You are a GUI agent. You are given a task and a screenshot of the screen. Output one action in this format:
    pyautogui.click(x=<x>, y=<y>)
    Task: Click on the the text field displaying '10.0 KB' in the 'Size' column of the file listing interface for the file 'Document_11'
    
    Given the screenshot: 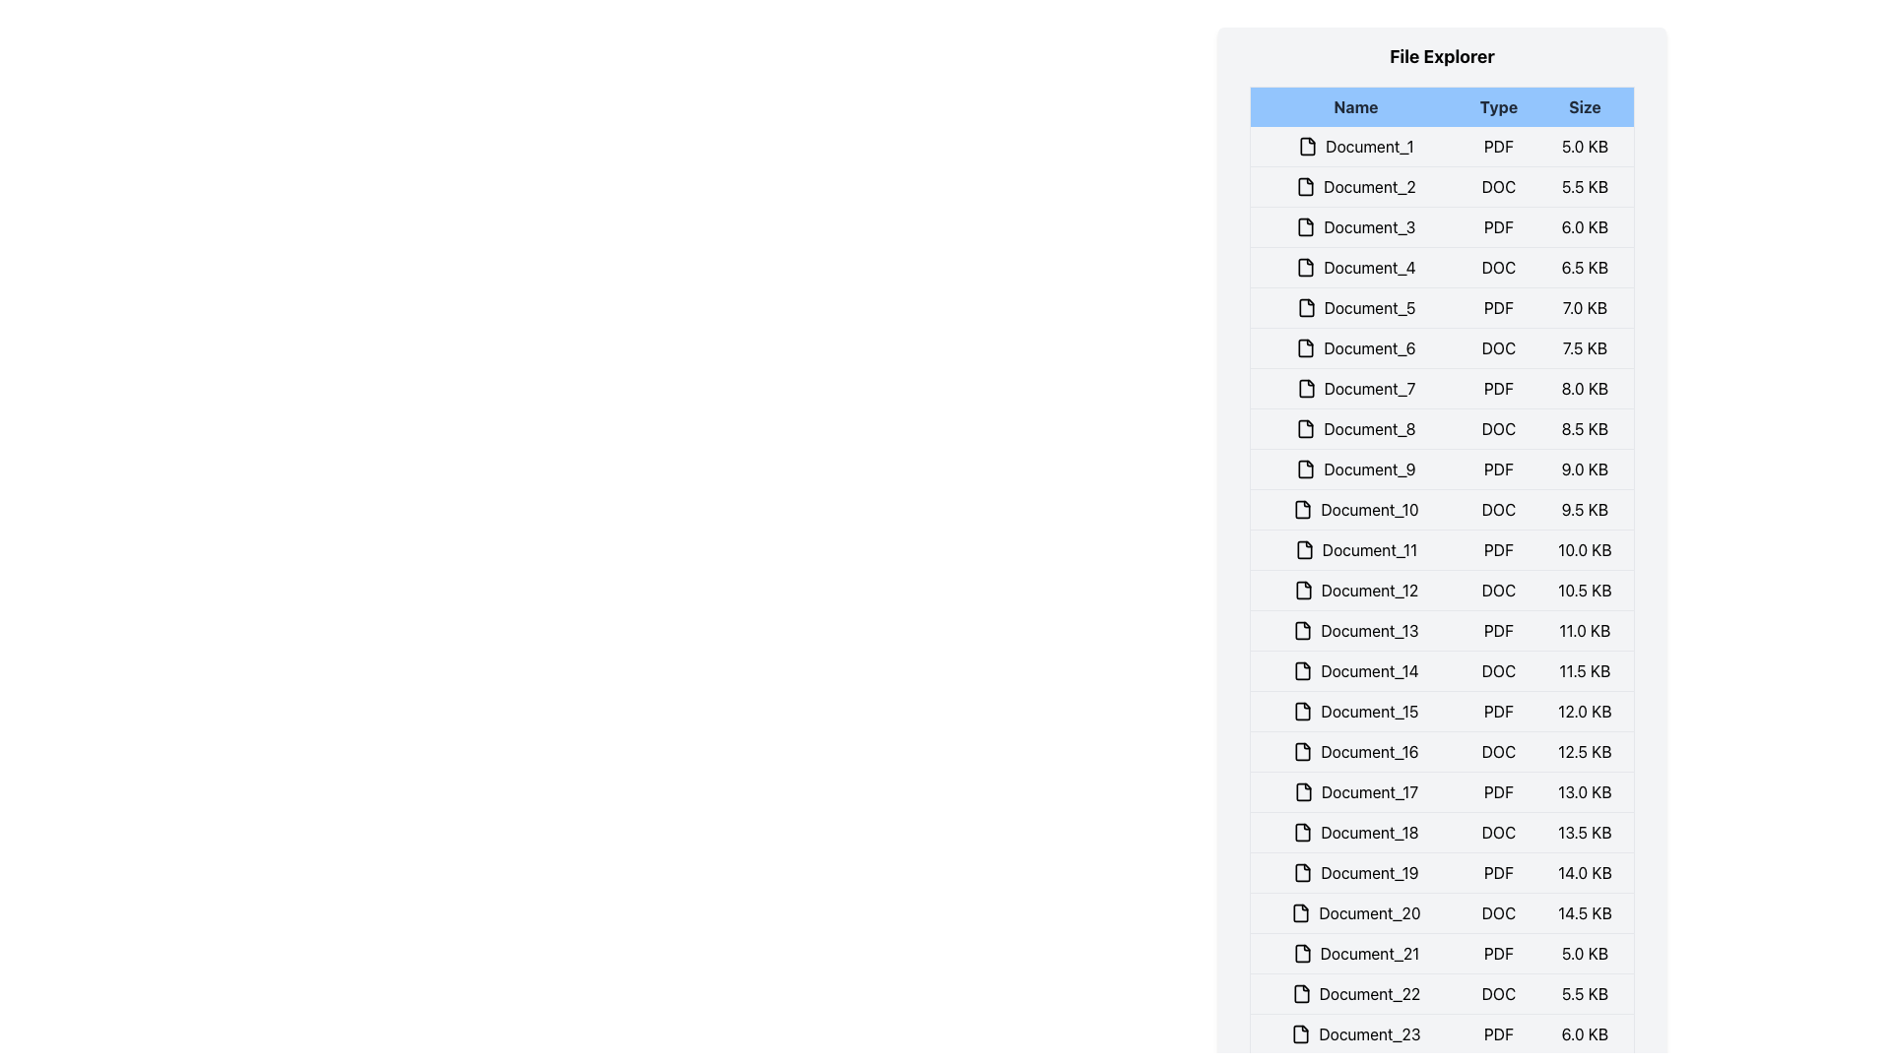 What is the action you would take?
    pyautogui.click(x=1585, y=550)
    